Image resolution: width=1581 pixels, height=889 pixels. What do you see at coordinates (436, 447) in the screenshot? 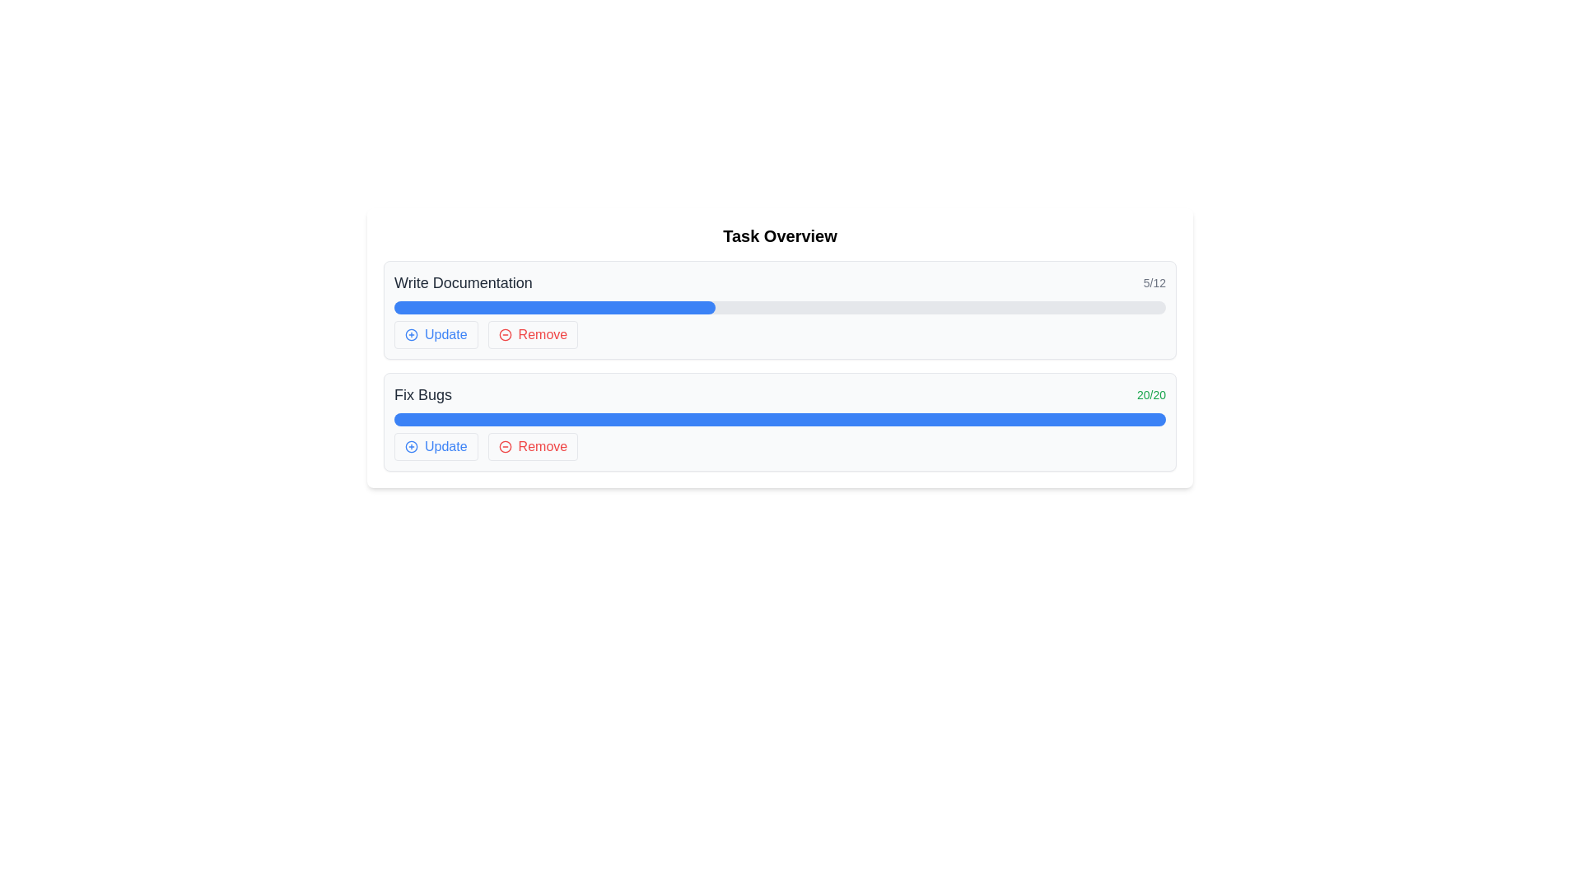
I see `the 'Update' button, which has blue text and a plus sign icon` at bounding box center [436, 447].